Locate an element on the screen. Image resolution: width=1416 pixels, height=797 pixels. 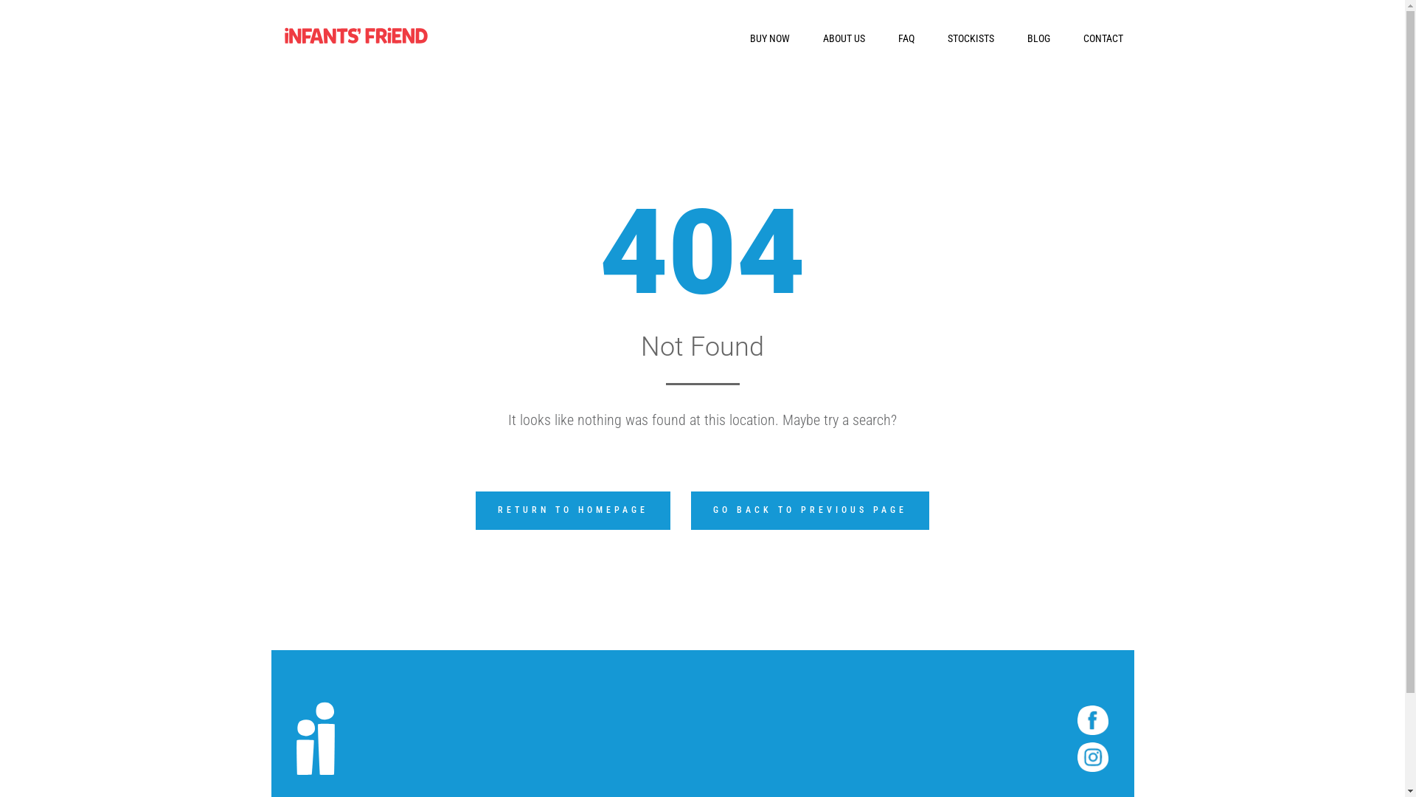
'BUY NOW' is located at coordinates (768, 37).